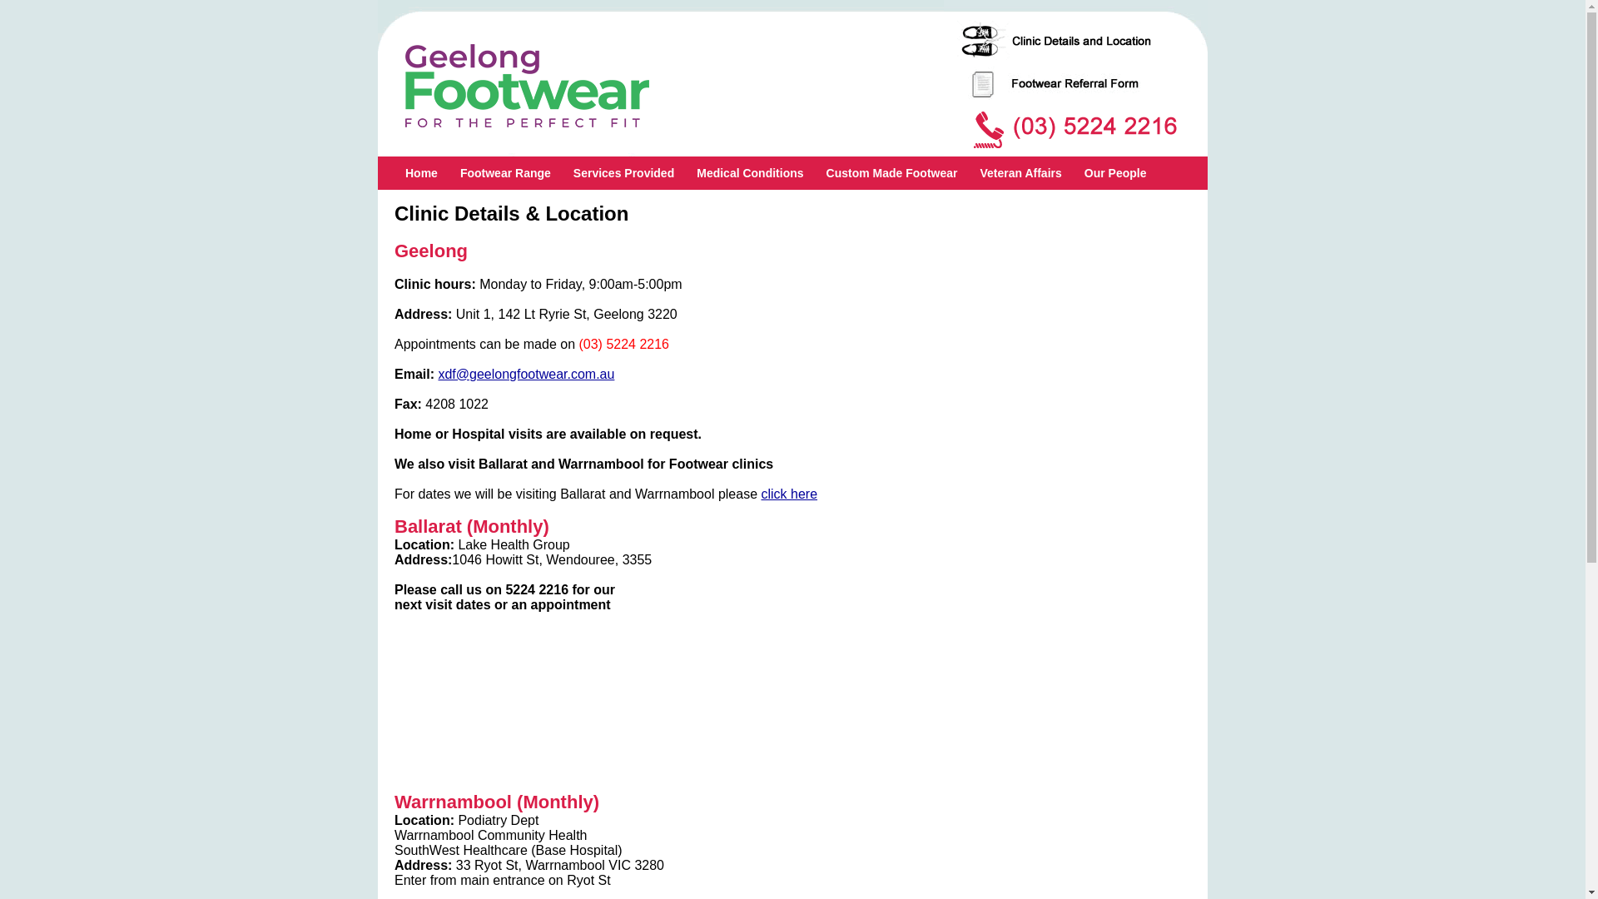 This screenshot has width=1598, height=899. I want to click on 'Home', so click(421, 173).